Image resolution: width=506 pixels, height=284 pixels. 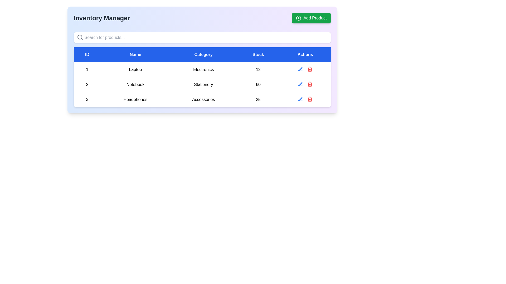 I want to click on the 'Stationery' text label located in the 'Category' column of the second row of the table, so click(x=203, y=84).